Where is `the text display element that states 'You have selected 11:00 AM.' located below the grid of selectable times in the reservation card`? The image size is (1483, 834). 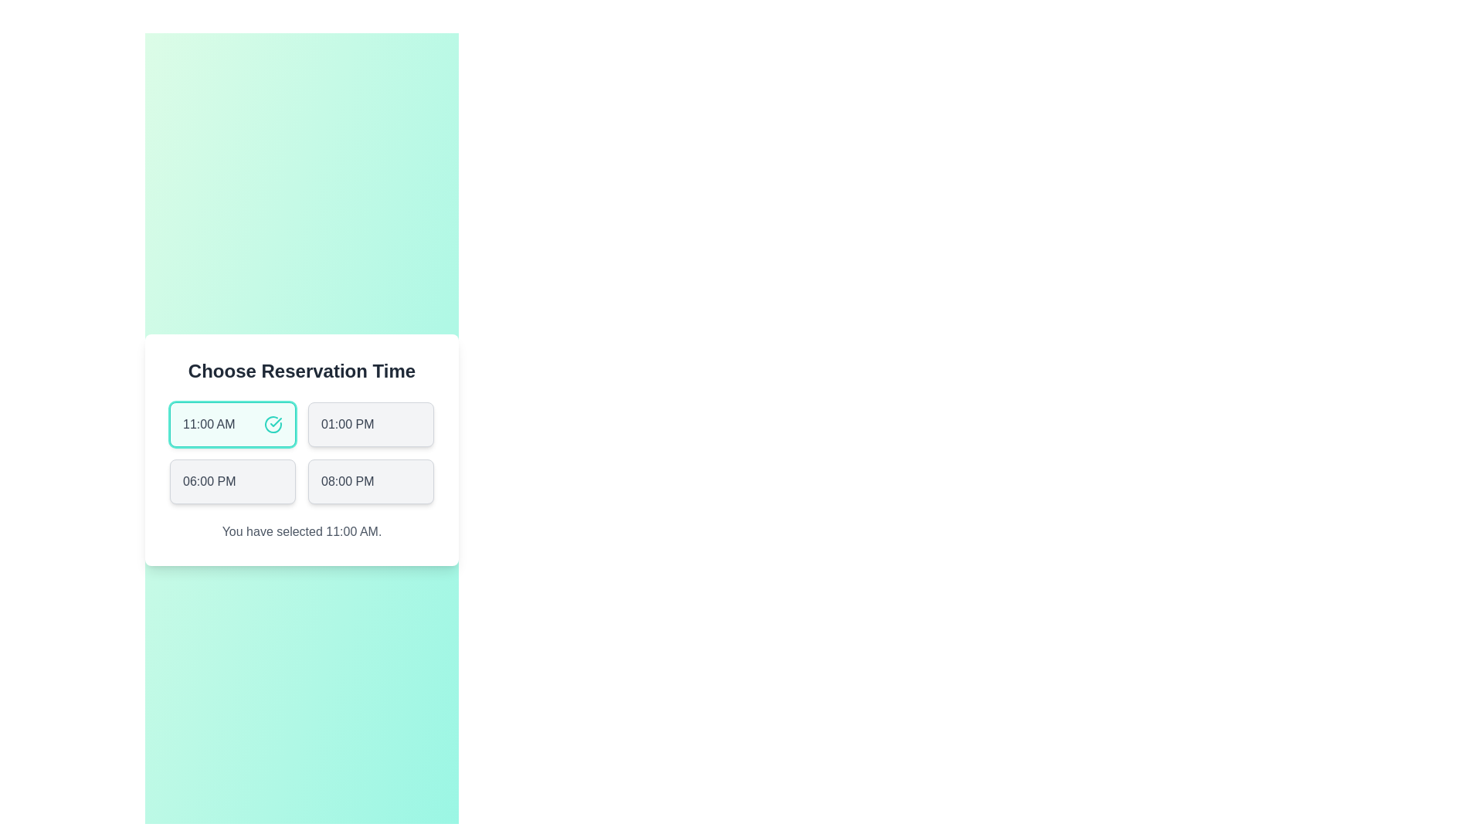 the text display element that states 'You have selected 11:00 AM.' located below the grid of selectable times in the reservation card is located at coordinates (301, 531).